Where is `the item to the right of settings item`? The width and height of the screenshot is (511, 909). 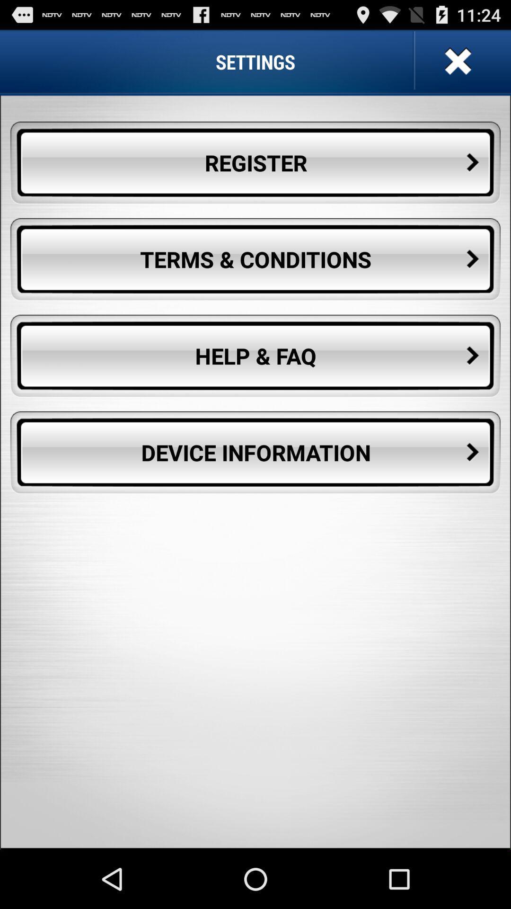
the item to the right of settings item is located at coordinates (456, 61).